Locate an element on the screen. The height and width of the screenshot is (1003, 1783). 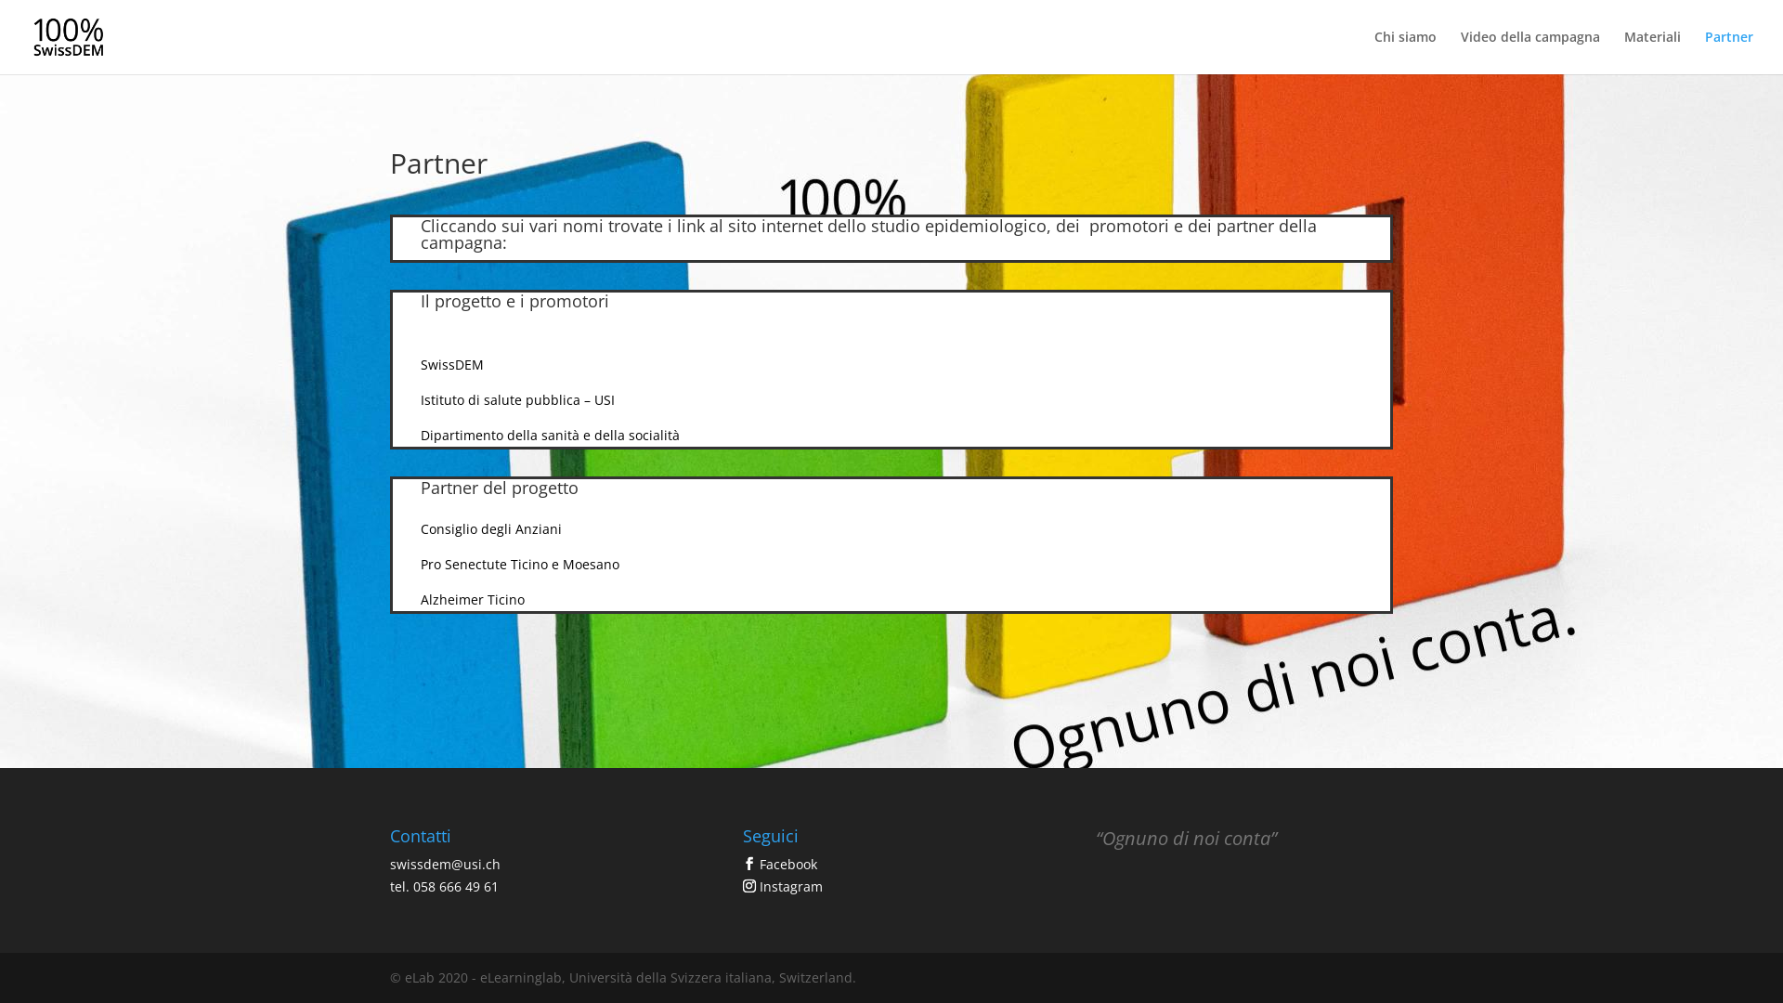
'Alzheimer Ticino' is located at coordinates (472, 599).